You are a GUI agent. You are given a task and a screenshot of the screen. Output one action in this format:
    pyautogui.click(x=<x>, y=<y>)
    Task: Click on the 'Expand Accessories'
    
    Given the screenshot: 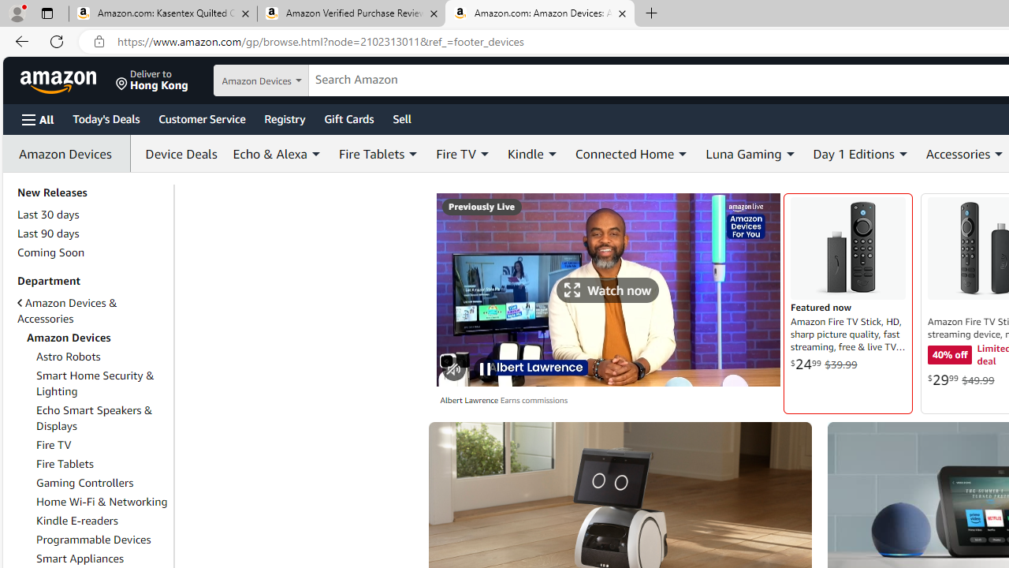 What is the action you would take?
    pyautogui.click(x=998, y=154)
    